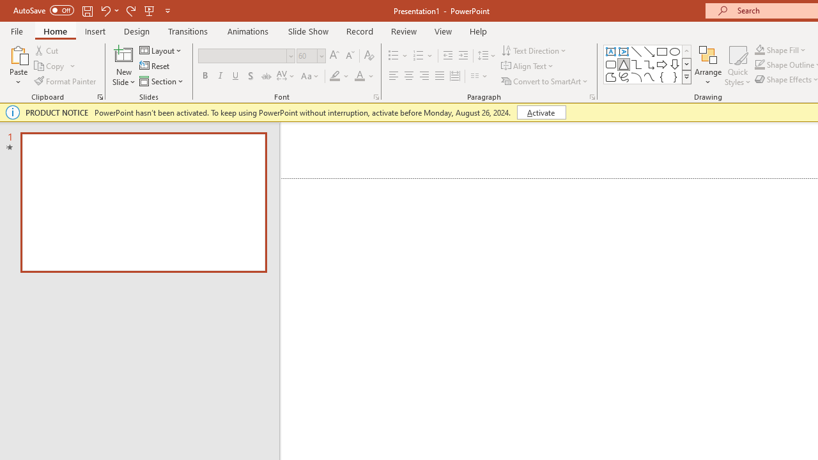 The image size is (818, 460). Describe the element at coordinates (246, 55) in the screenshot. I see `'Font'` at that location.